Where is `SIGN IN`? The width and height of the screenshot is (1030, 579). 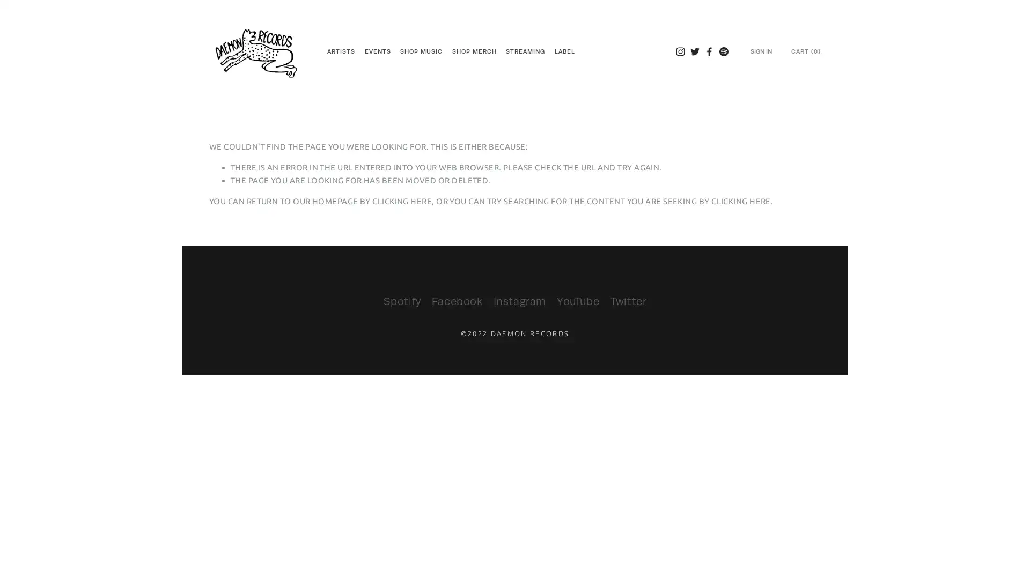
SIGN IN is located at coordinates (761, 51).